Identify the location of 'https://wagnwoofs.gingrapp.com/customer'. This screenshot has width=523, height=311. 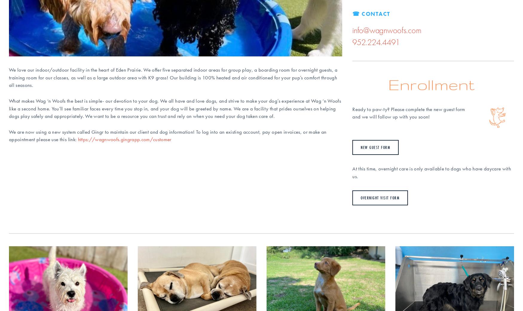
(124, 139).